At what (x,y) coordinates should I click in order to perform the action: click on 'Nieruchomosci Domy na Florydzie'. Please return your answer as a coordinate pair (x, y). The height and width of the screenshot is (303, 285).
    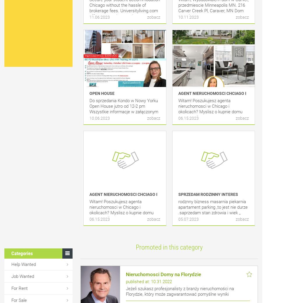
    Looking at the image, I should click on (125, 274).